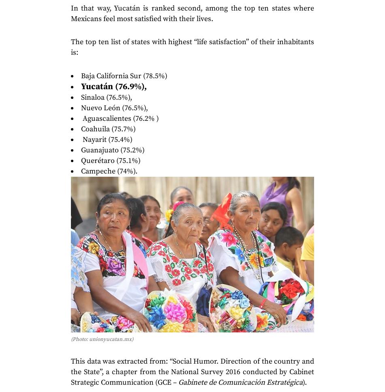 The image size is (385, 392). What do you see at coordinates (108, 129) in the screenshot?
I see `'Coahuila (75.7%)'` at bounding box center [108, 129].